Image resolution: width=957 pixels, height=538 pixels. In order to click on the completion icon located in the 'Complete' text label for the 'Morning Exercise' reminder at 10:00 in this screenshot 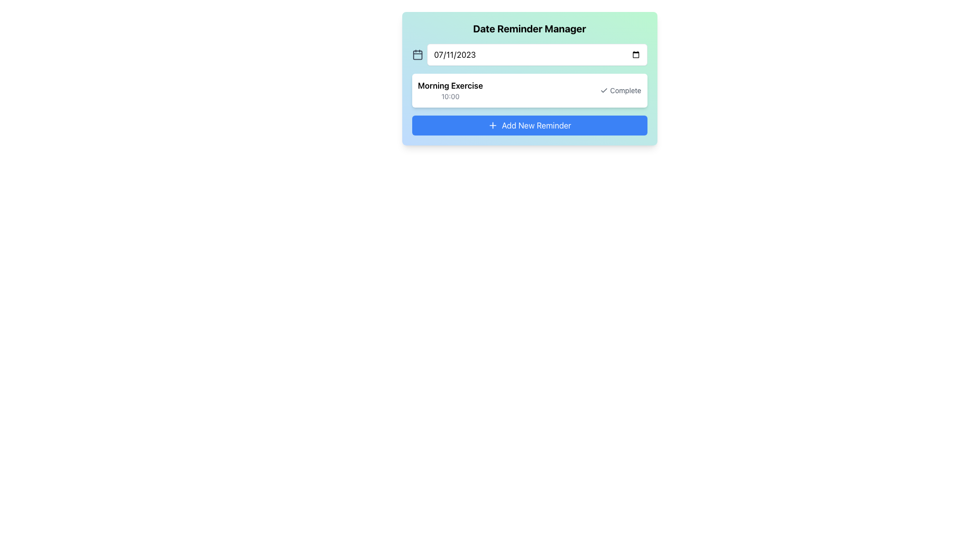, I will do `click(604, 90)`.